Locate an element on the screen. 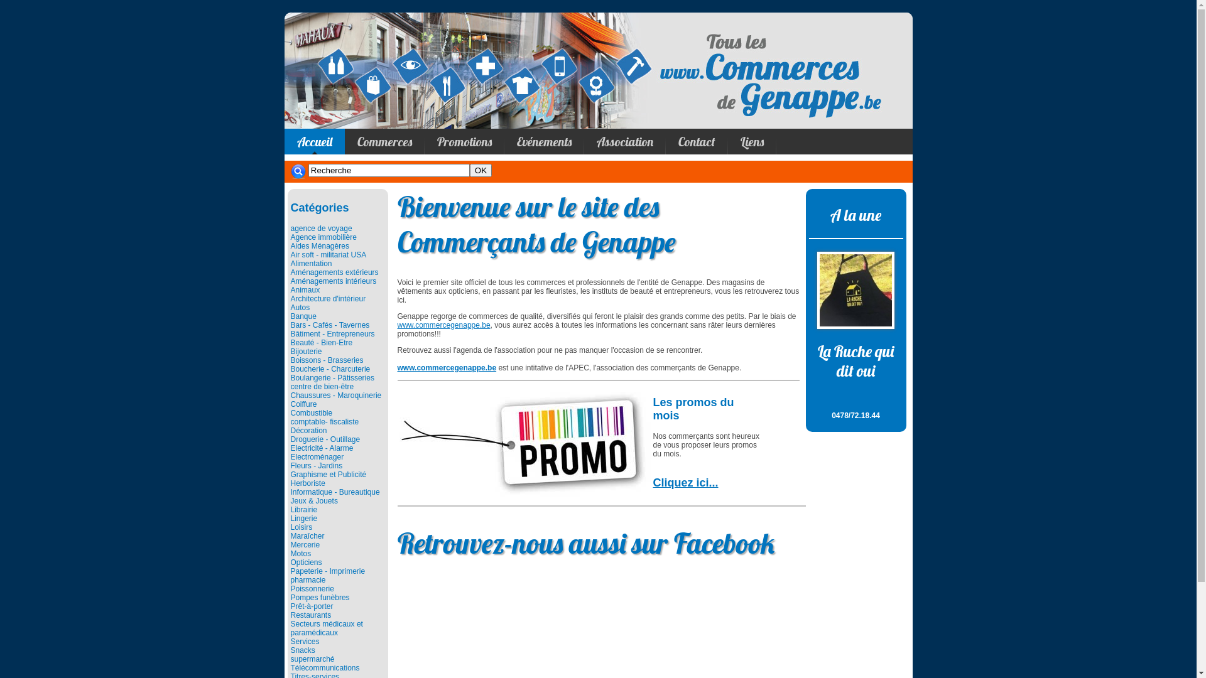 This screenshot has height=678, width=1206. 'Services' is located at coordinates (304, 642).